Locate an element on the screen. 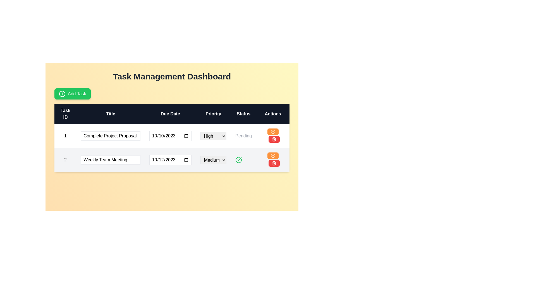 The image size is (536, 301). the green checkmark icon in the Status column of the second row of the task table, which indicates a positive confirmation is located at coordinates (239, 160).